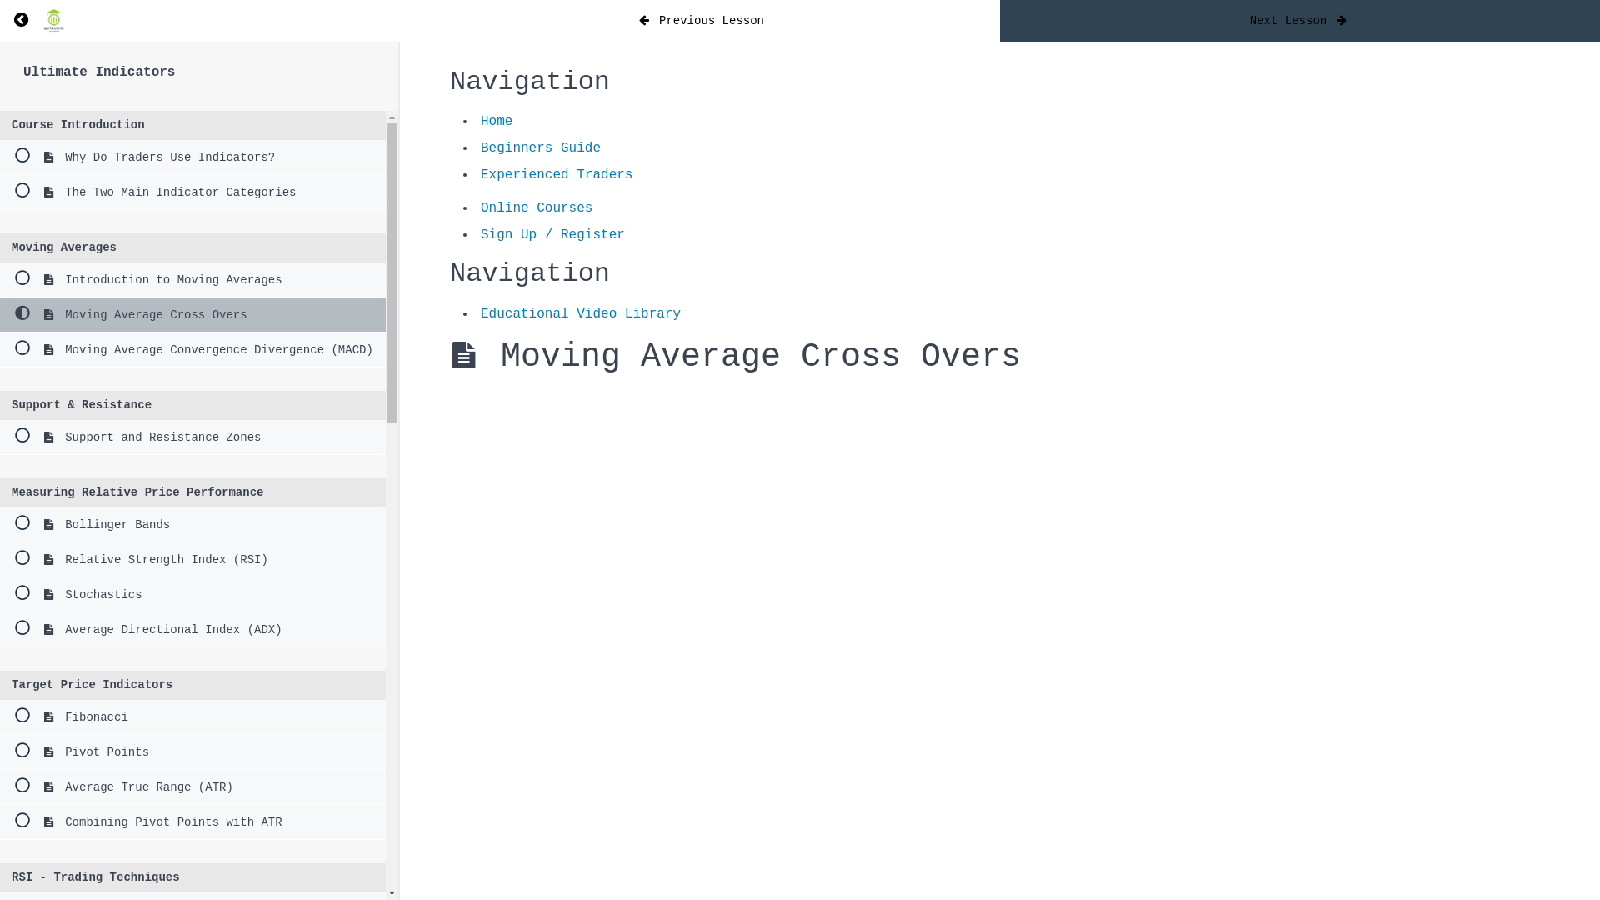 The width and height of the screenshot is (1600, 900). Describe the element at coordinates (552, 234) in the screenshot. I see `'Sign Up / Register'` at that location.